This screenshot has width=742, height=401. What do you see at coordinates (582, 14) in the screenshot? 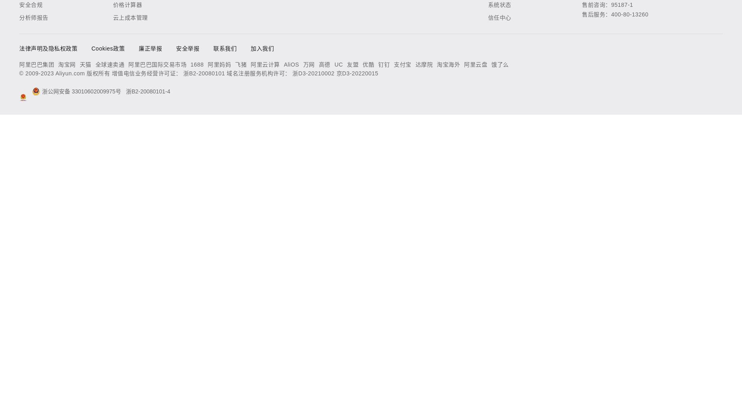
I see `'售后服务：400-80-13260'` at bounding box center [582, 14].